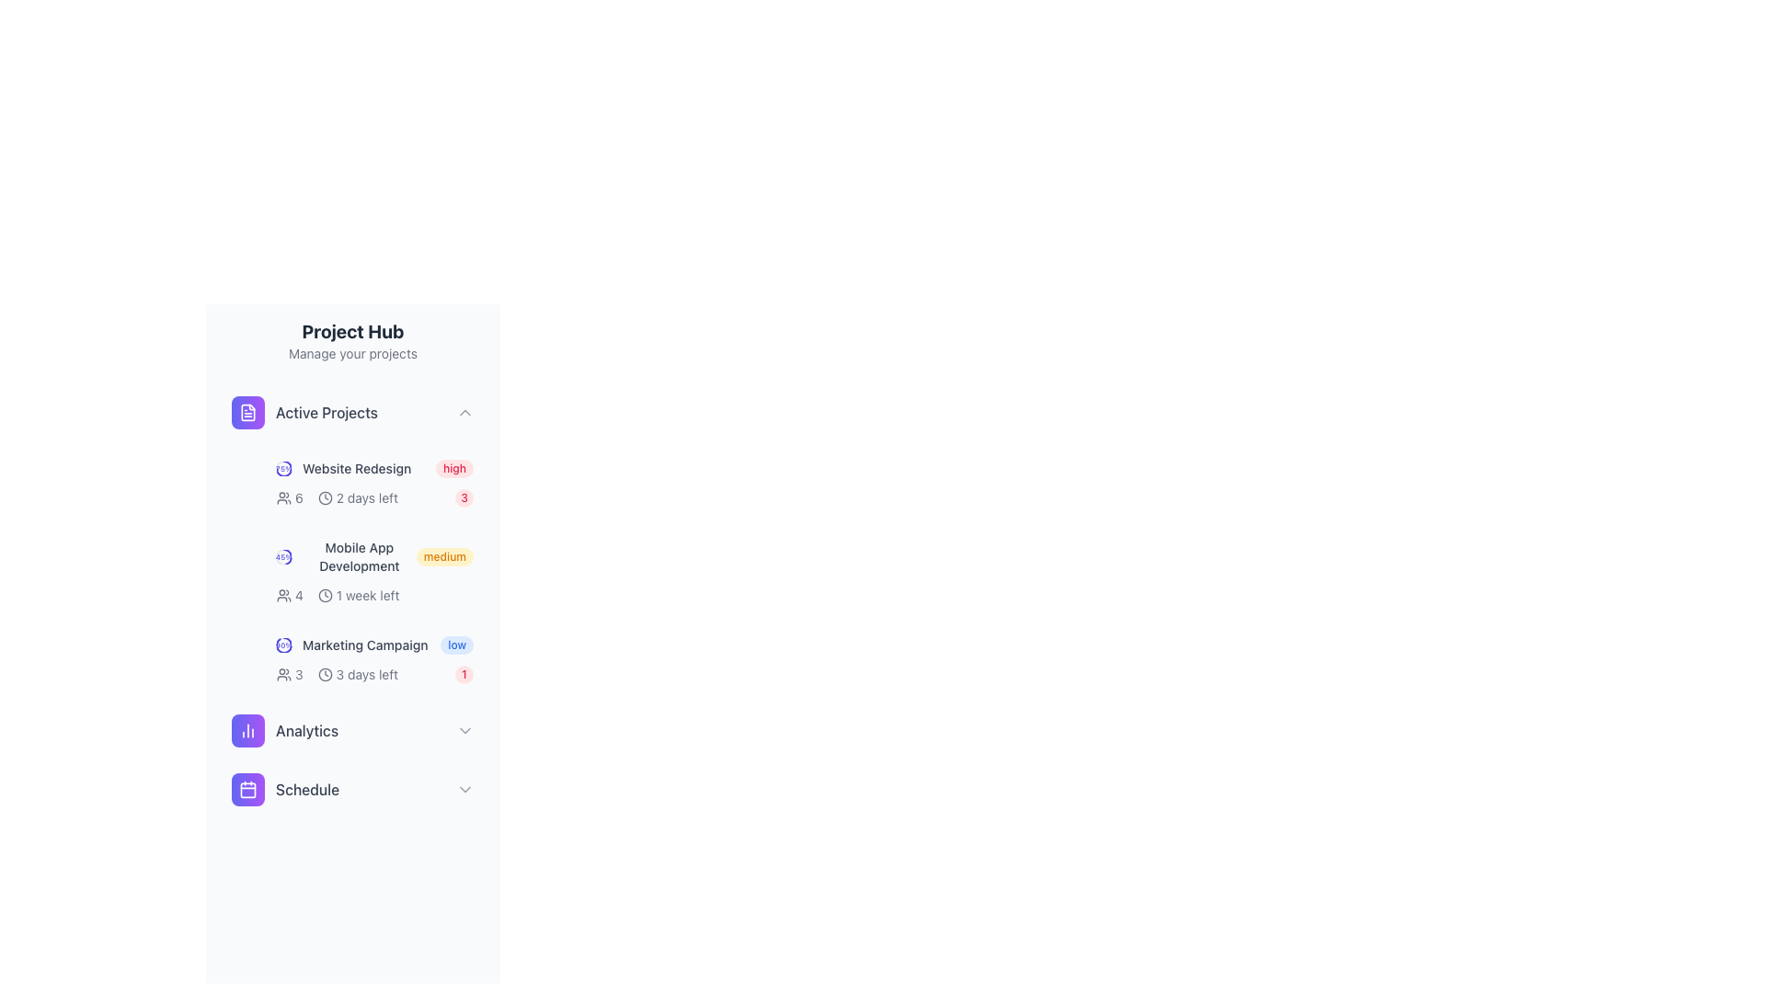  Describe the element at coordinates (247, 411) in the screenshot. I see `the 'Active Projects' icon, which is positioned to the left of the text and serves as a visual cue for the section` at that location.